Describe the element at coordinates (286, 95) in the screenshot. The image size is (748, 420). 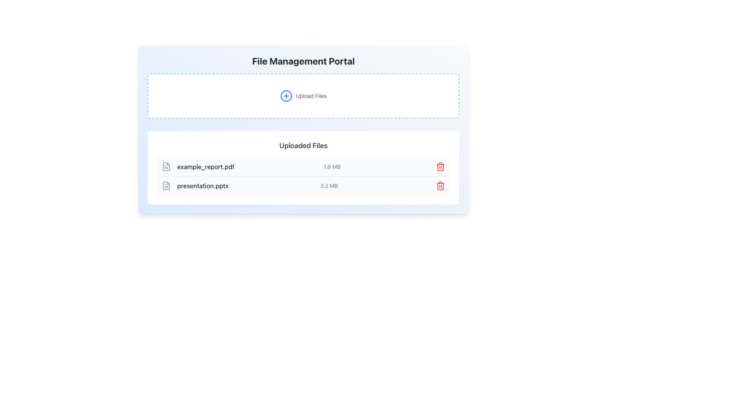
I see `the central Circle graphic within the 'Upload Files' icon, which is part of the decorative elements in the interface` at that location.